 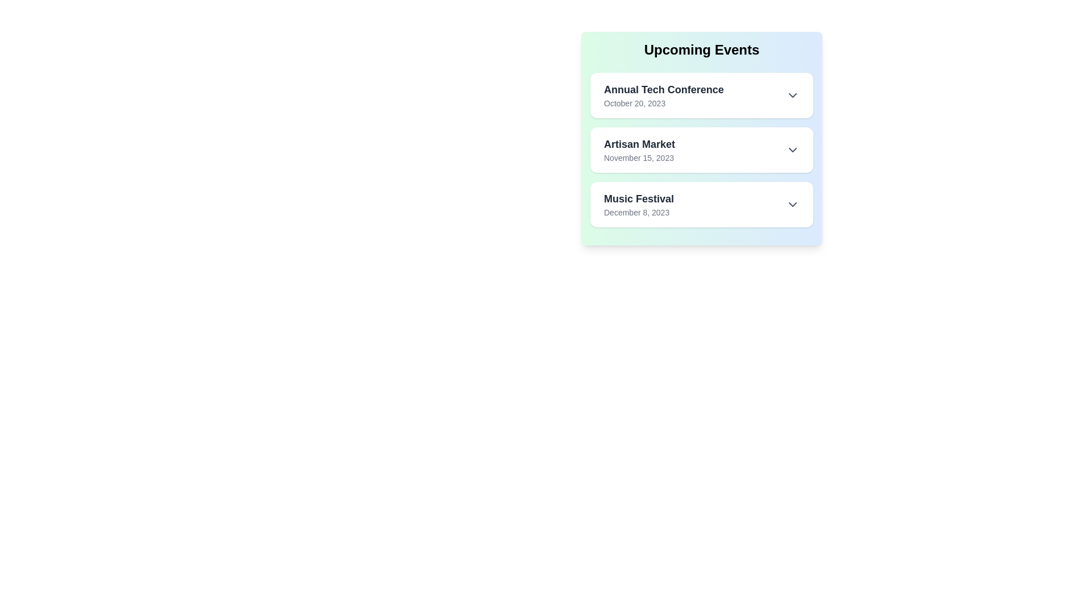 I want to click on the title text element that serves as a section header for upcoming events, located at the top of its rounded box with a gradient background, so click(x=701, y=49).